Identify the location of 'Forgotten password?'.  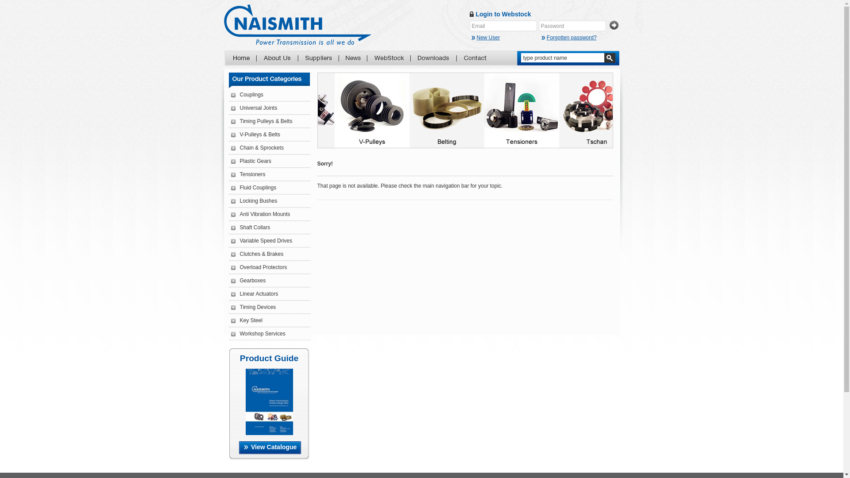
(569, 37).